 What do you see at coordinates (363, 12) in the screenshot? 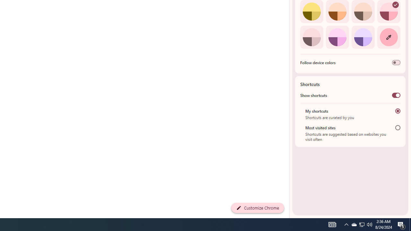
I see `'Apricot'` at bounding box center [363, 12].